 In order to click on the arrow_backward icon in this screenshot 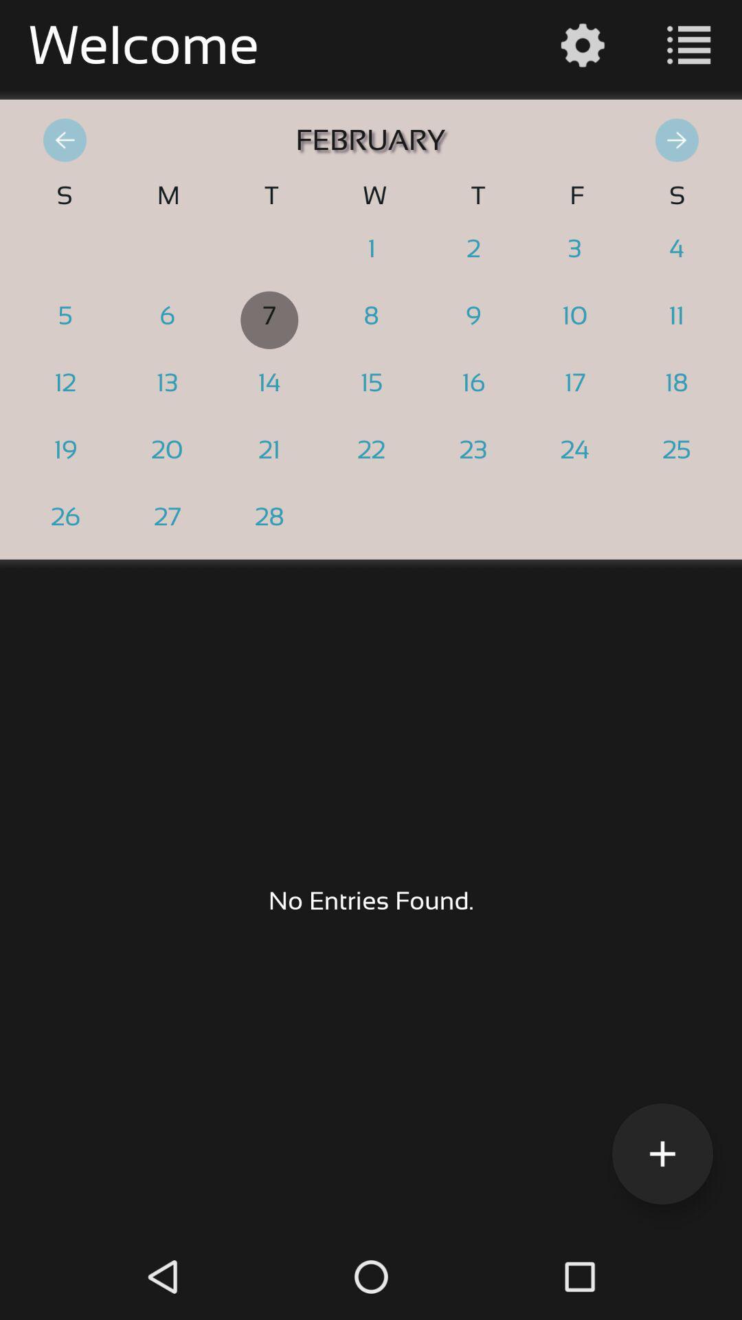, I will do `click(57, 140)`.